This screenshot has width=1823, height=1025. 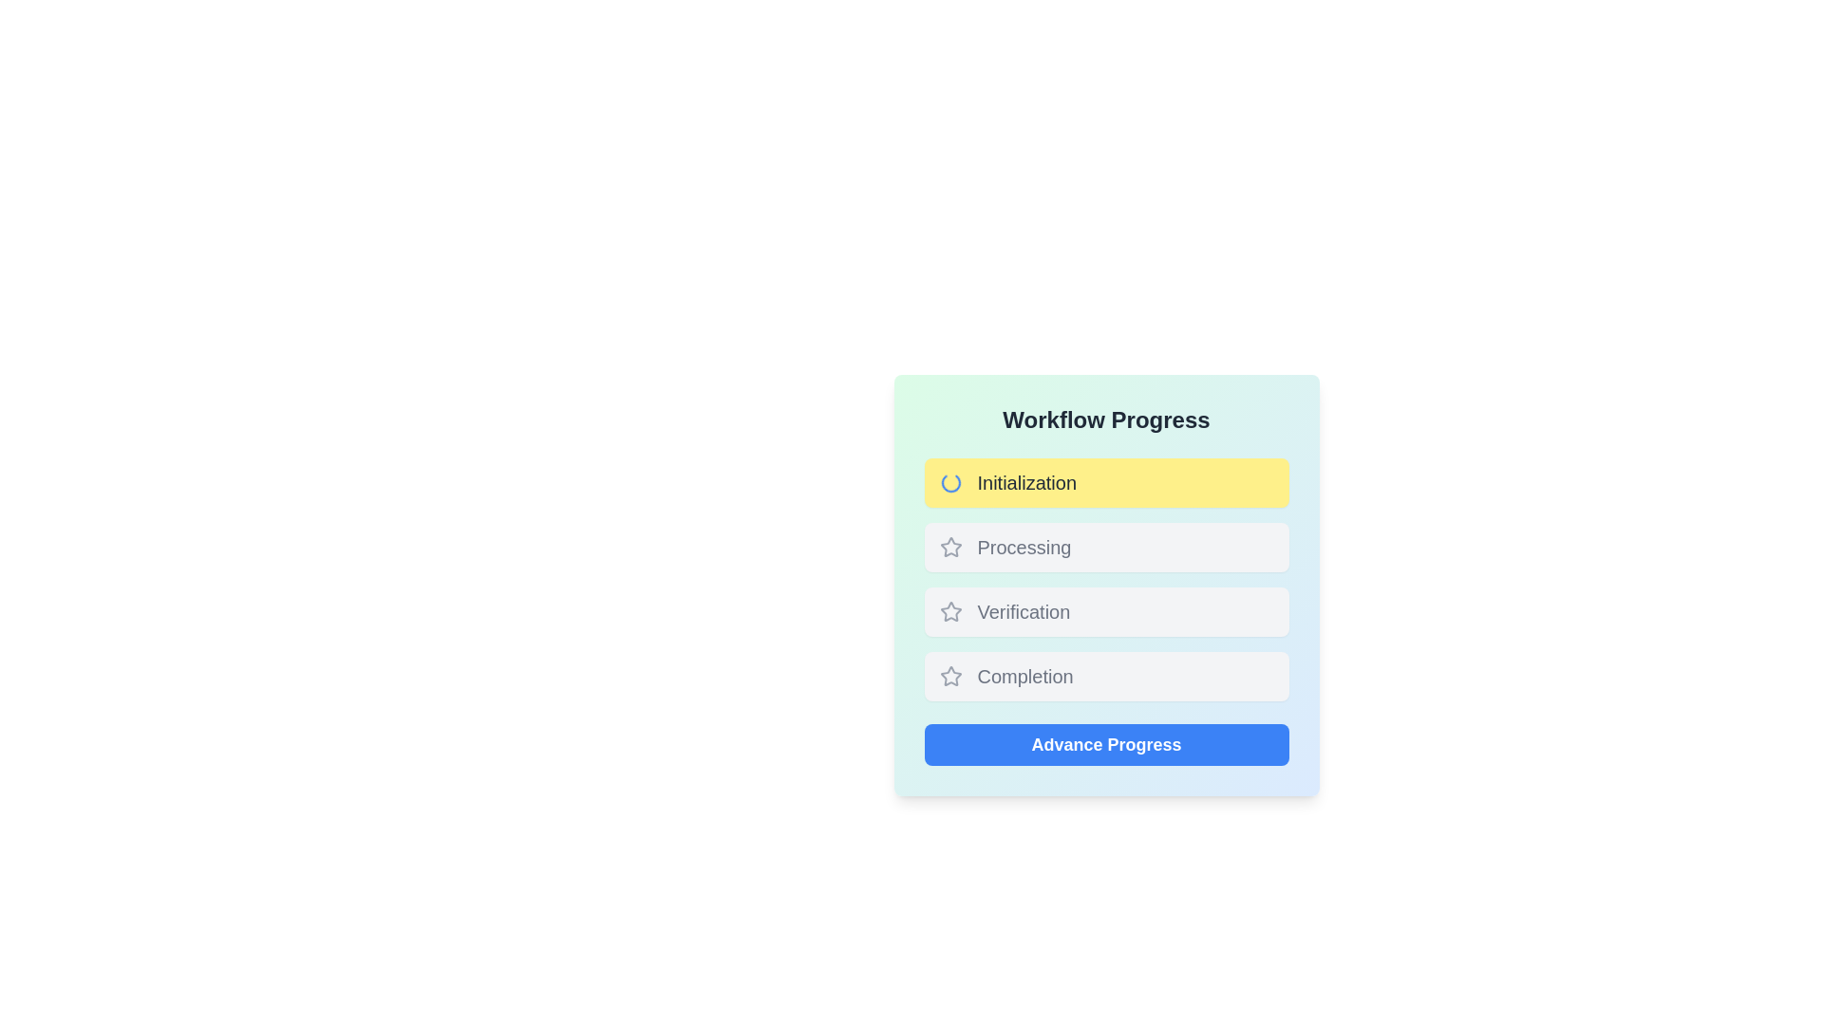 What do you see at coordinates (950, 611) in the screenshot?
I see `the second icon labeled 'Verification' in the 'Workflow Progress' panel` at bounding box center [950, 611].